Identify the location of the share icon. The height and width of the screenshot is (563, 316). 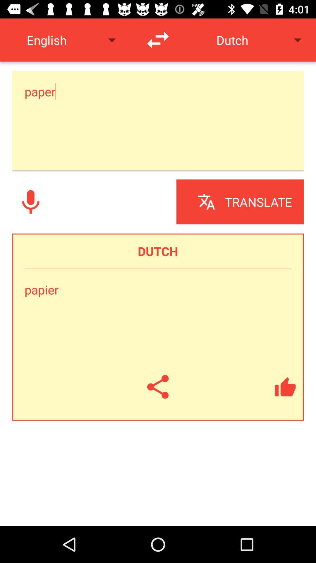
(158, 387).